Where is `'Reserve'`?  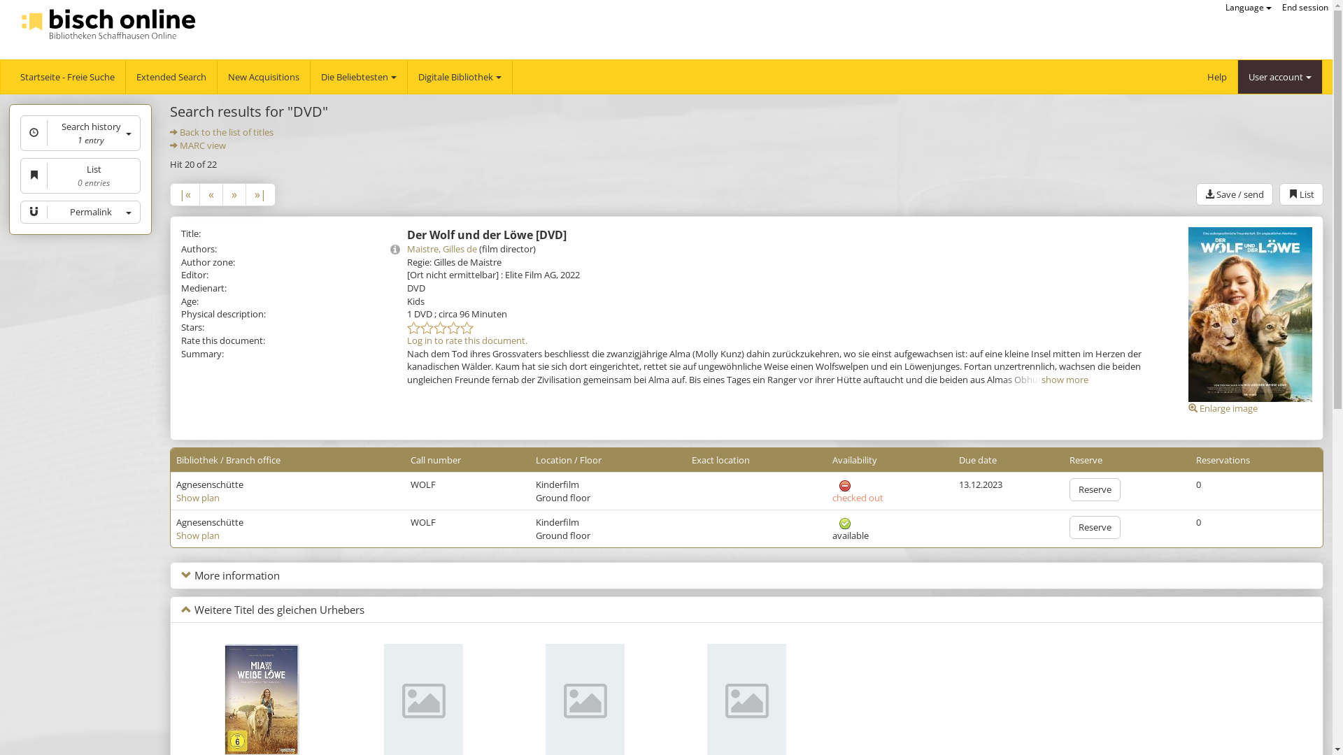 'Reserve' is located at coordinates (1069, 527).